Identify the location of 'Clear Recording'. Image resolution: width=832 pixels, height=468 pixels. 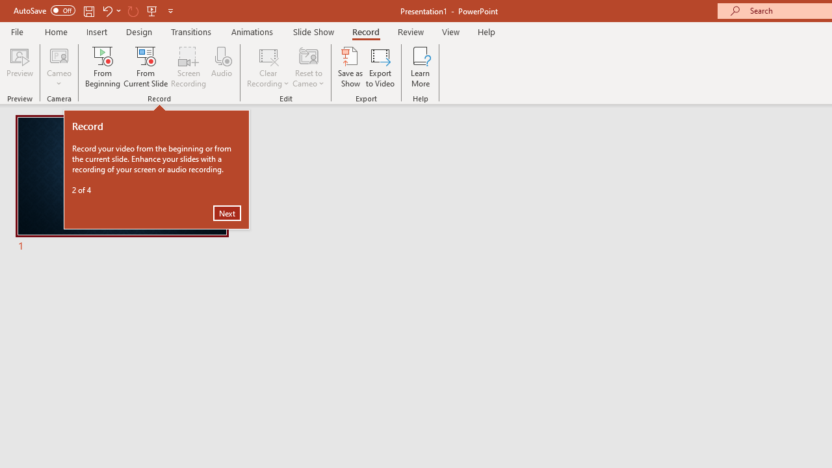
(267, 67).